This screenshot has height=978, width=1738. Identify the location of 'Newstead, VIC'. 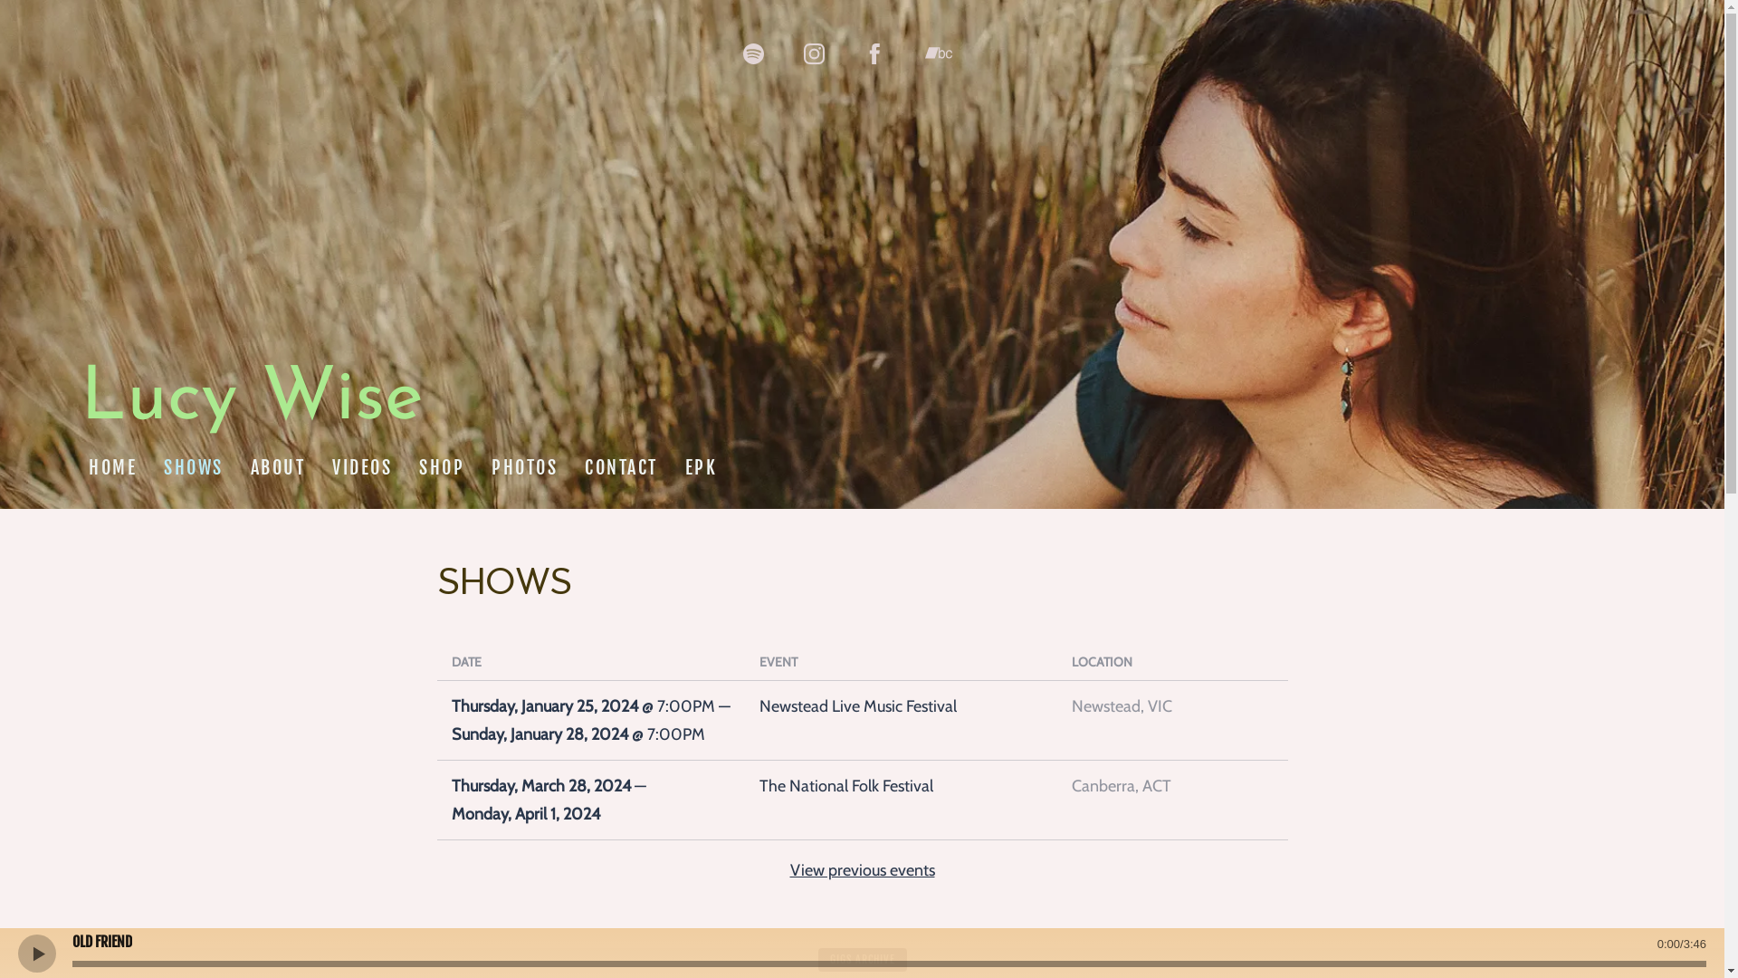
(1172, 705).